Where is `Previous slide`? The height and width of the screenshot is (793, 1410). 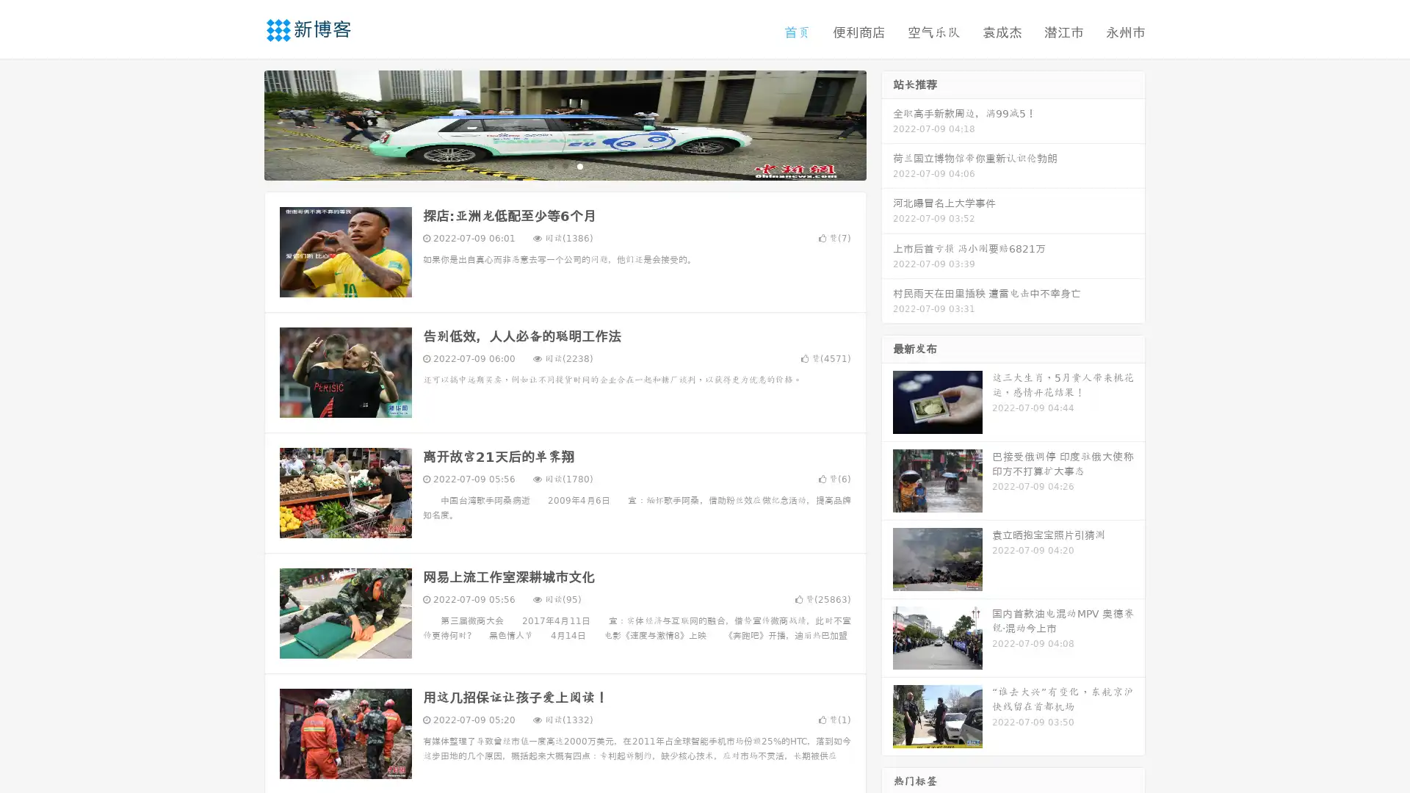
Previous slide is located at coordinates (242, 123).